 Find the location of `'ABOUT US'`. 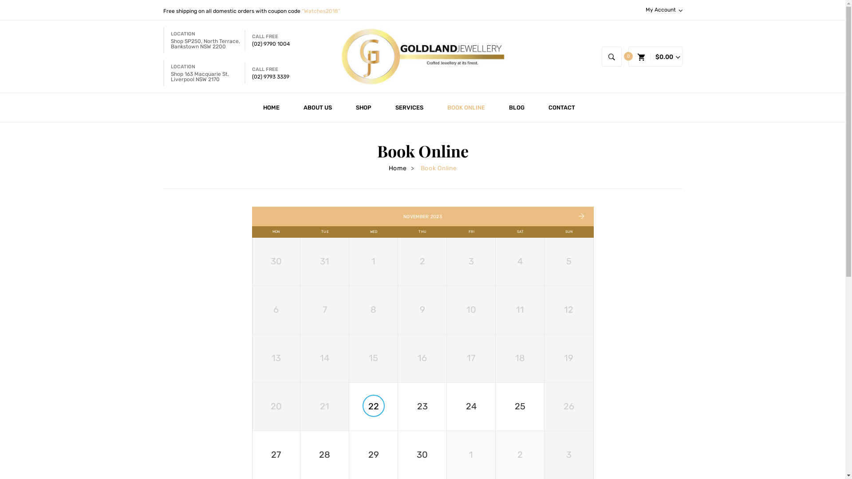

'ABOUT US' is located at coordinates (317, 107).